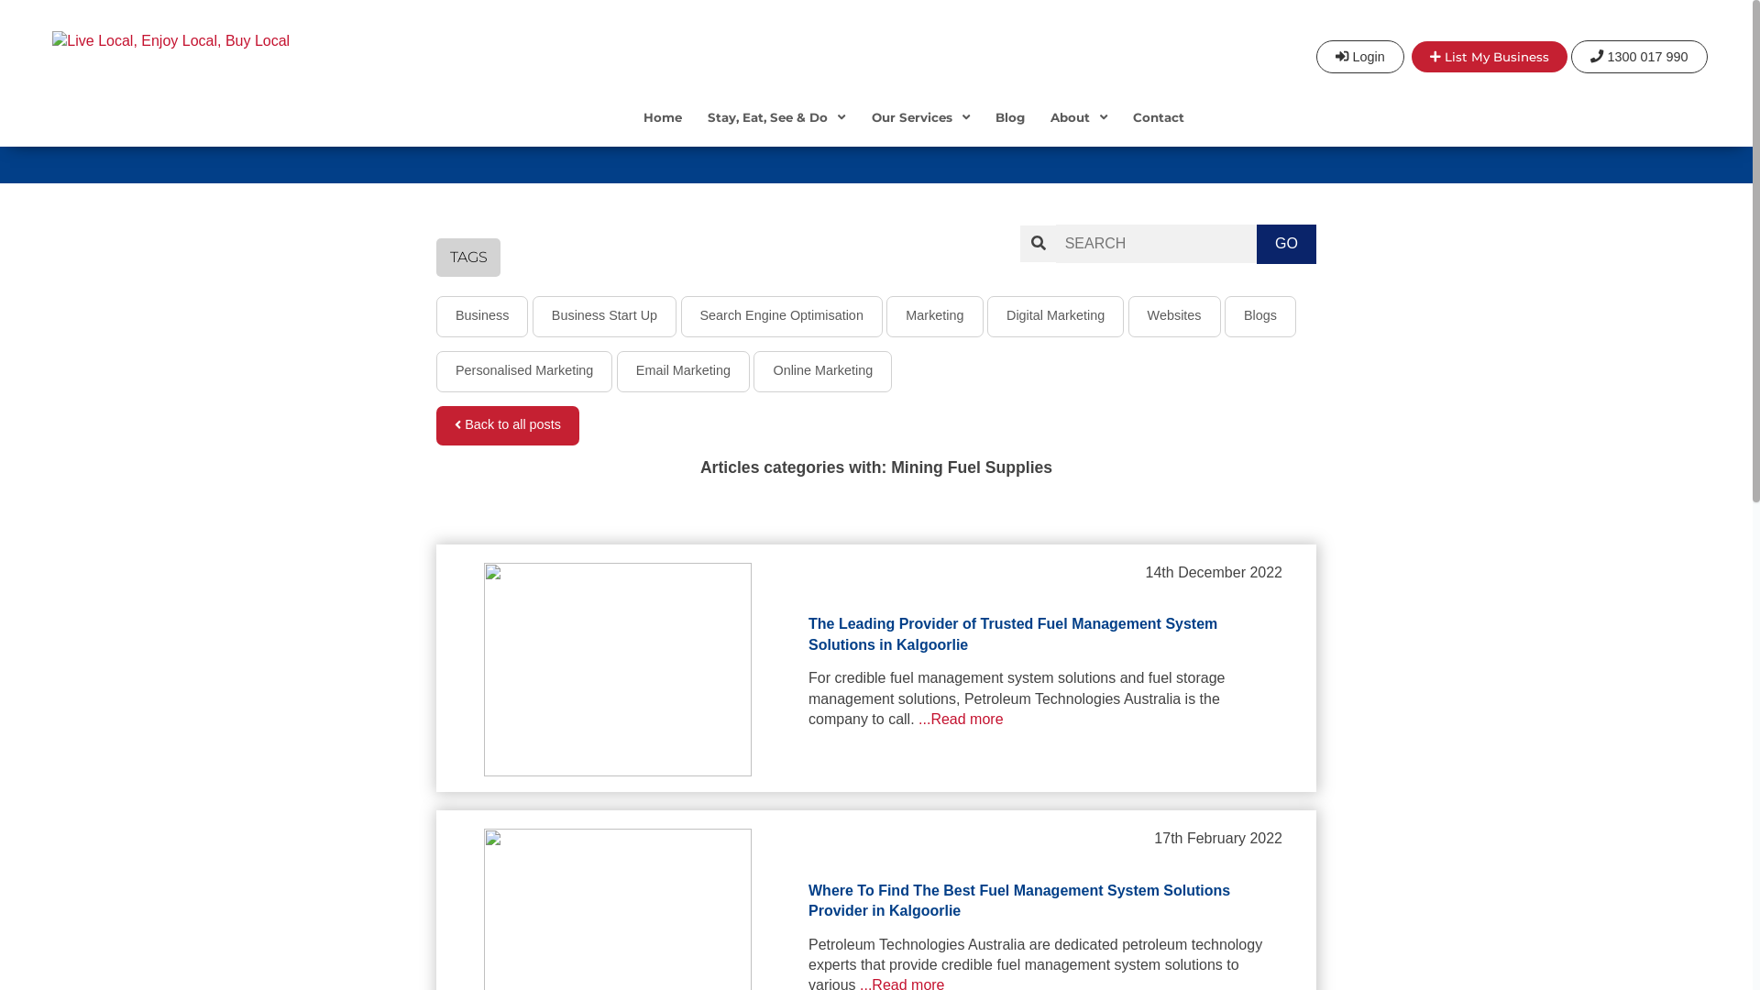  I want to click on 'About', so click(1078, 129).